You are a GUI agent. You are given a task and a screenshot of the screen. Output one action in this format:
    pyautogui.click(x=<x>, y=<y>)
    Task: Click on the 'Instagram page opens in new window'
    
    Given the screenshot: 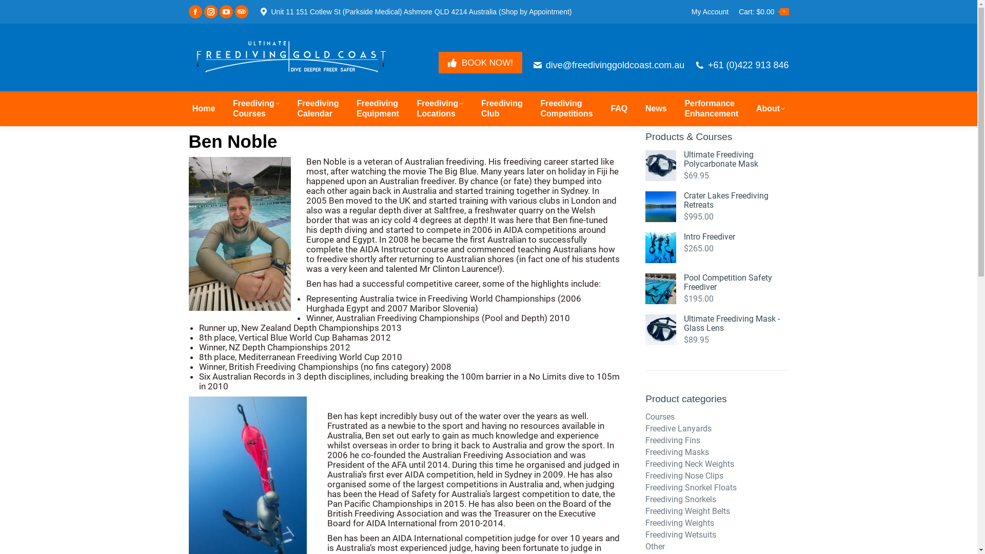 What is the action you would take?
    pyautogui.click(x=210, y=12)
    